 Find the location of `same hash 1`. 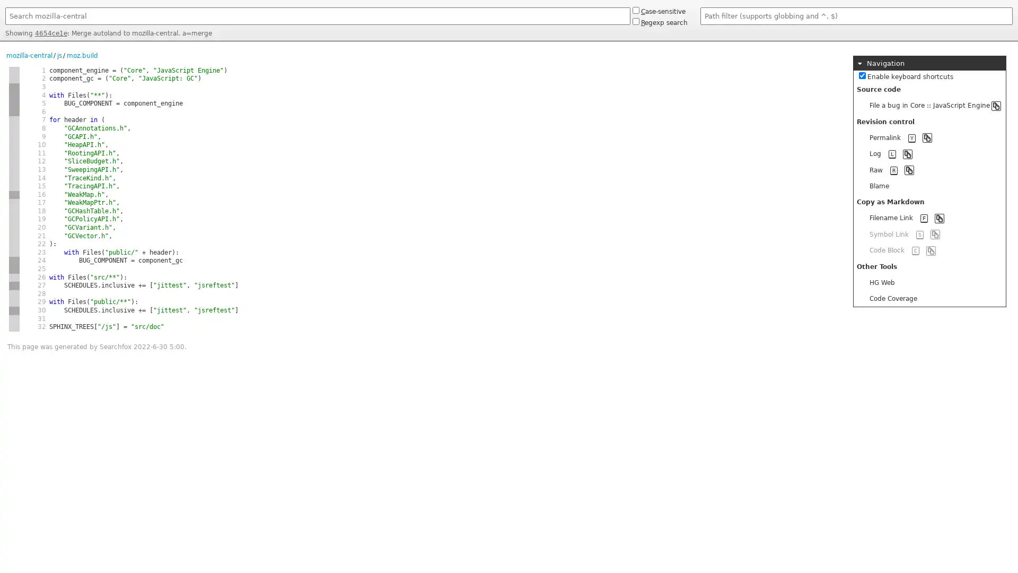

same hash 1 is located at coordinates (14, 136).